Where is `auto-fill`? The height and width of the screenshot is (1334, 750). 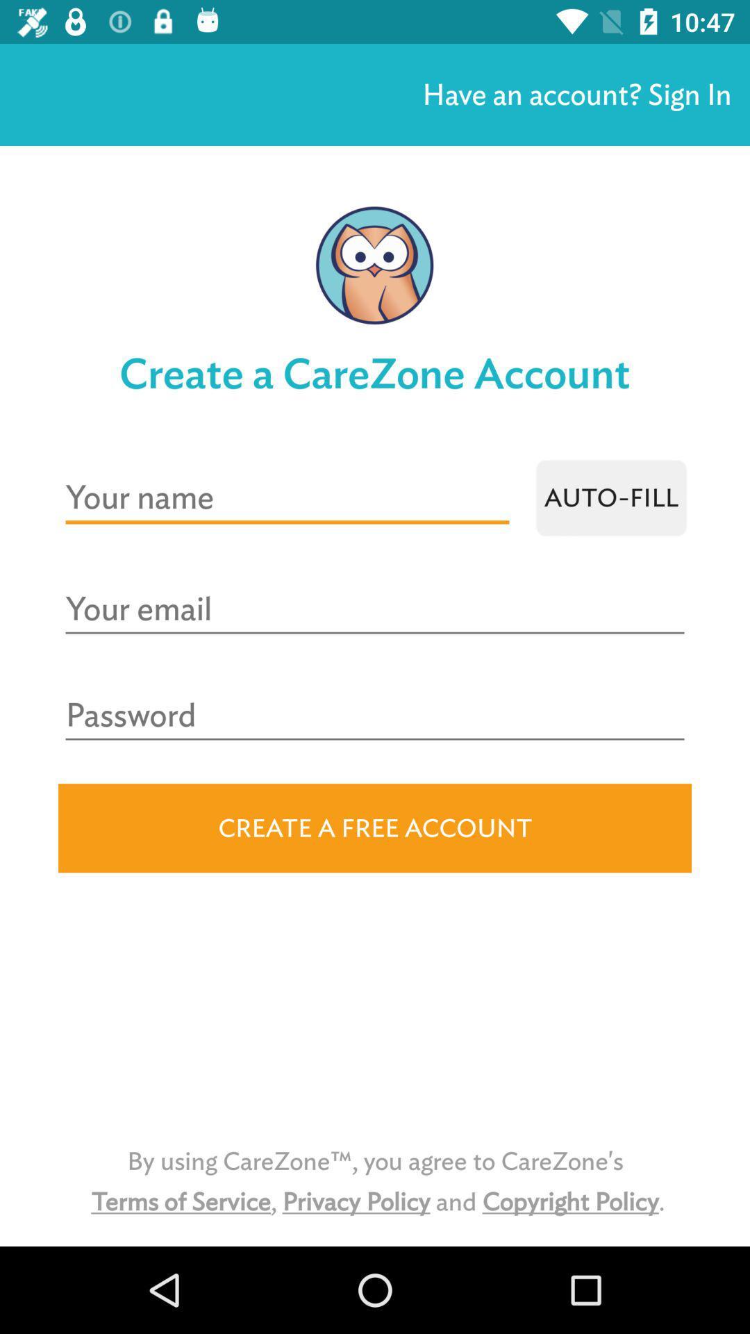 auto-fill is located at coordinates (610, 497).